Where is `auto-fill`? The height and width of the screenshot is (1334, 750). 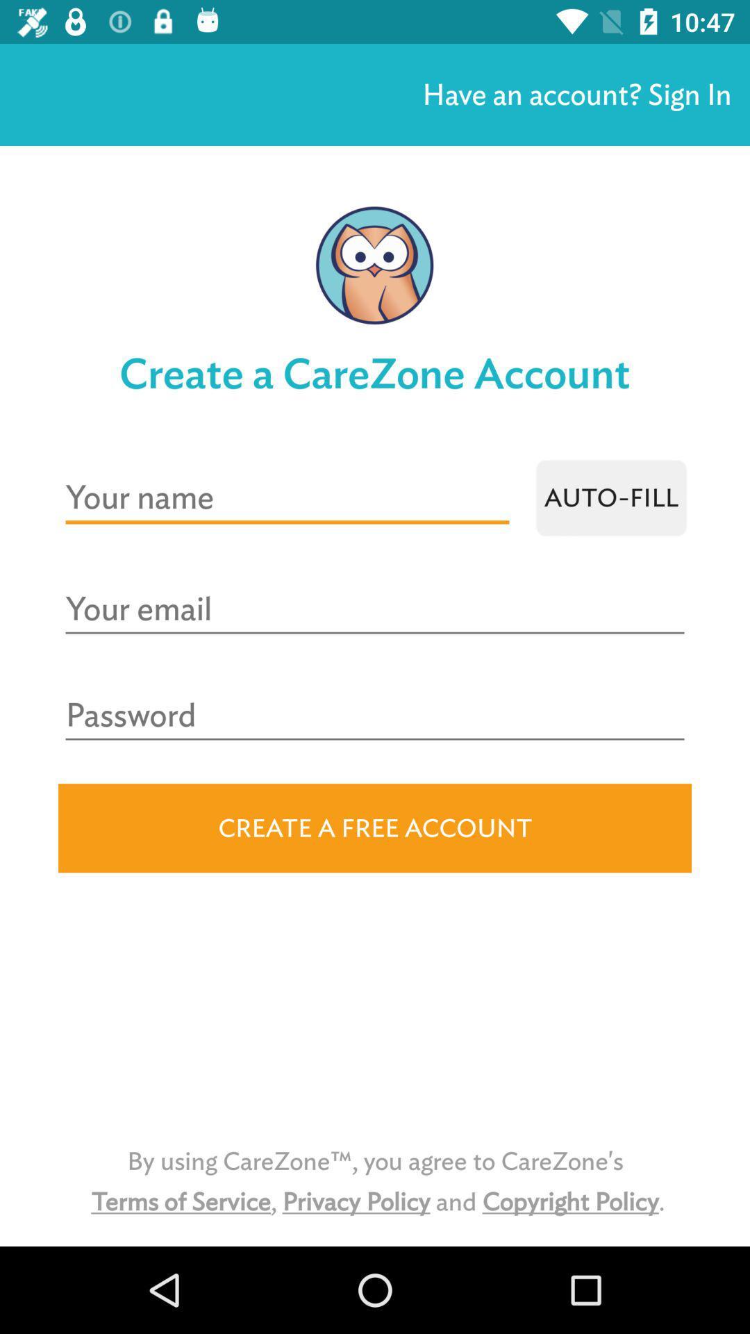 auto-fill is located at coordinates (610, 497).